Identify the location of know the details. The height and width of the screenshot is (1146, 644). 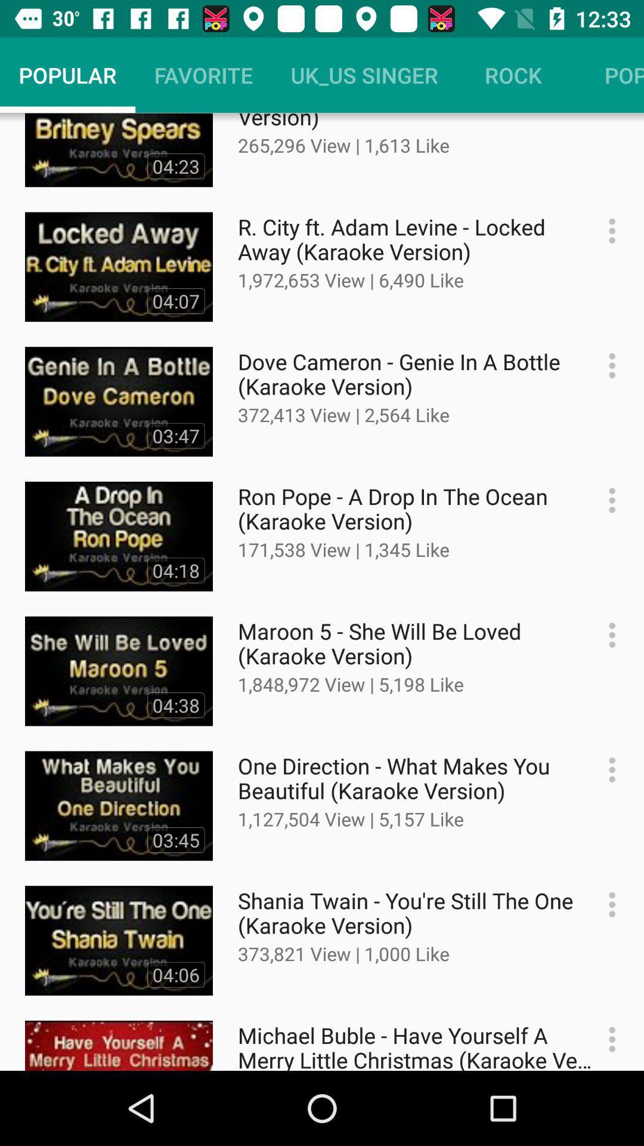
(606, 634).